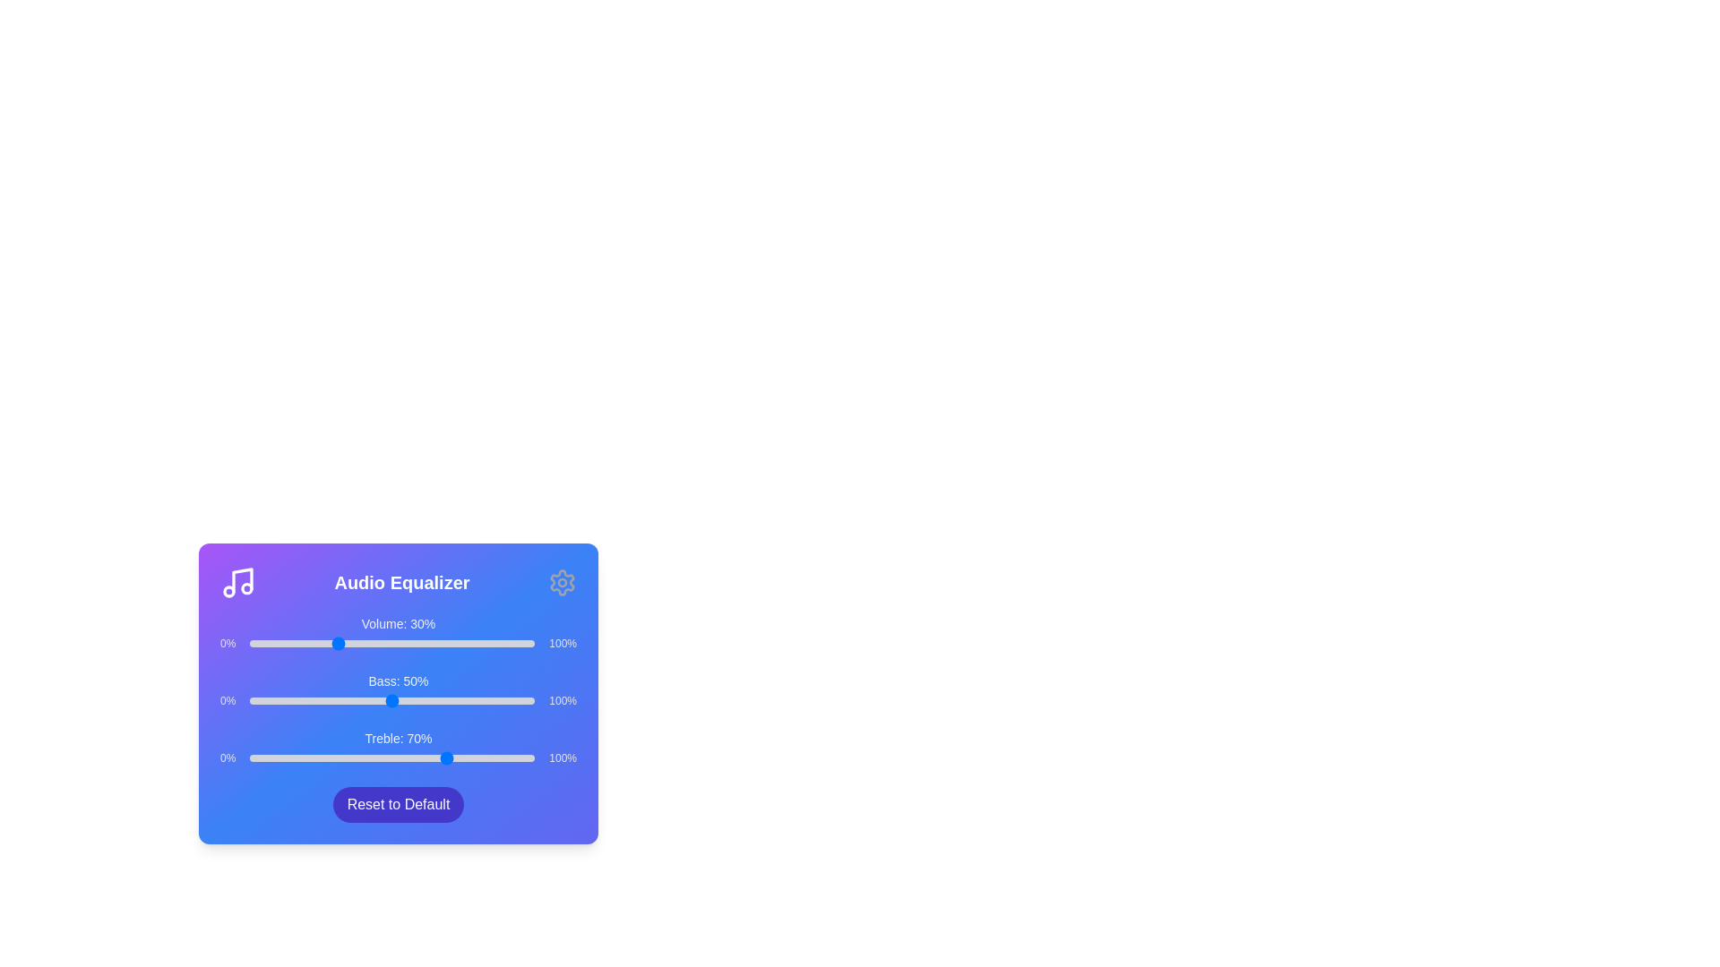 The height and width of the screenshot is (967, 1720). What do you see at coordinates (398, 803) in the screenshot?
I see `the 'Reset to Default' button to reset the equalizer settings to their default values` at bounding box center [398, 803].